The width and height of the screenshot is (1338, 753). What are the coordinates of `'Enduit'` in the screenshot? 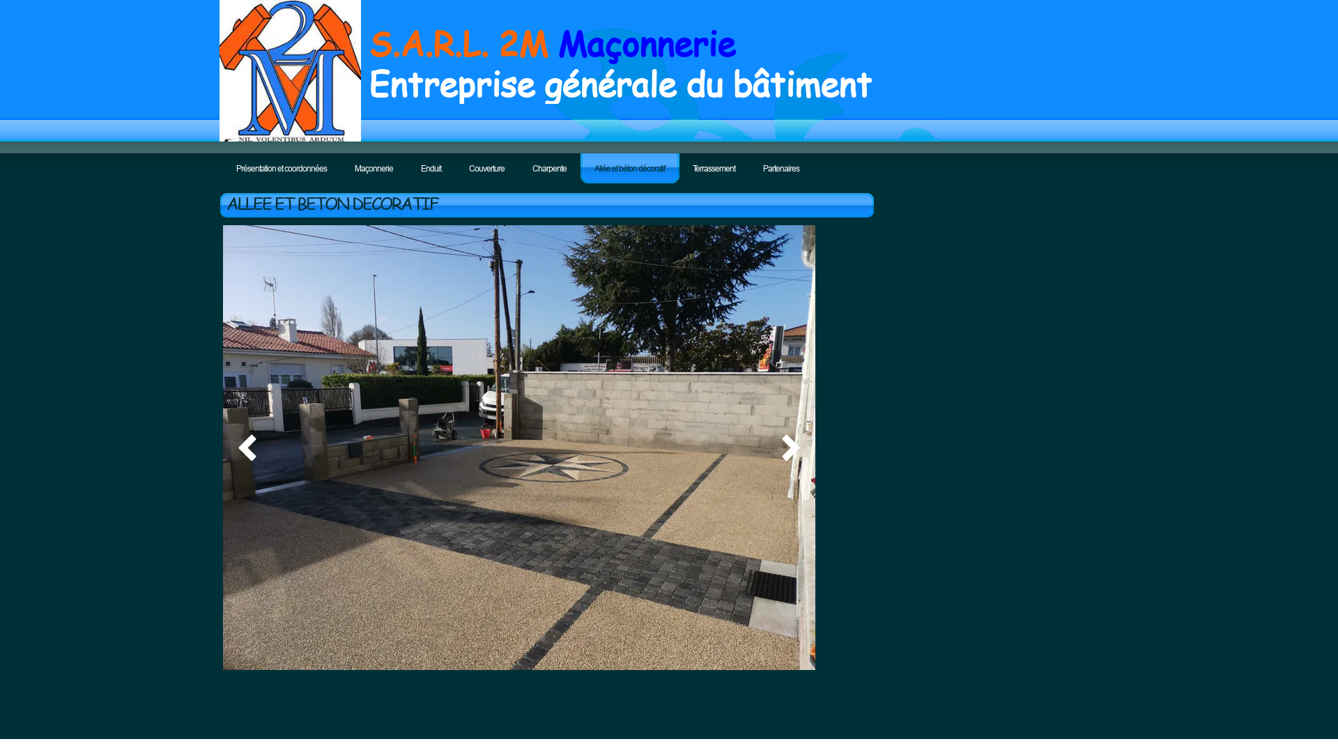 It's located at (430, 167).